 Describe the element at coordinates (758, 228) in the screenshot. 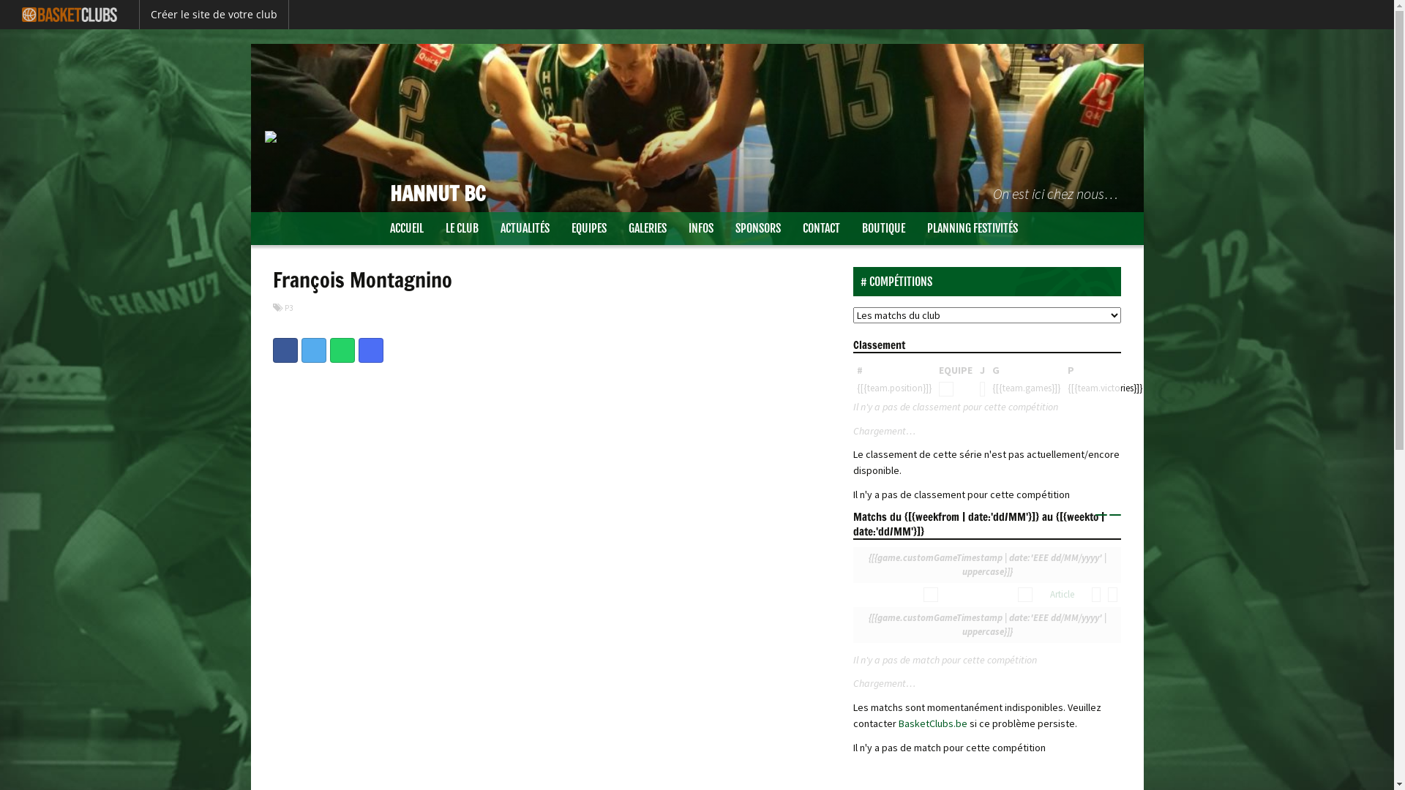

I see `'SPONSORS'` at that location.